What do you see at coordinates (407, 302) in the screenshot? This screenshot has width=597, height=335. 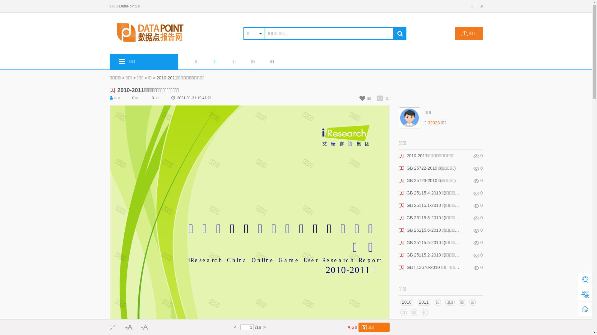 I see `'2010'` at bounding box center [407, 302].